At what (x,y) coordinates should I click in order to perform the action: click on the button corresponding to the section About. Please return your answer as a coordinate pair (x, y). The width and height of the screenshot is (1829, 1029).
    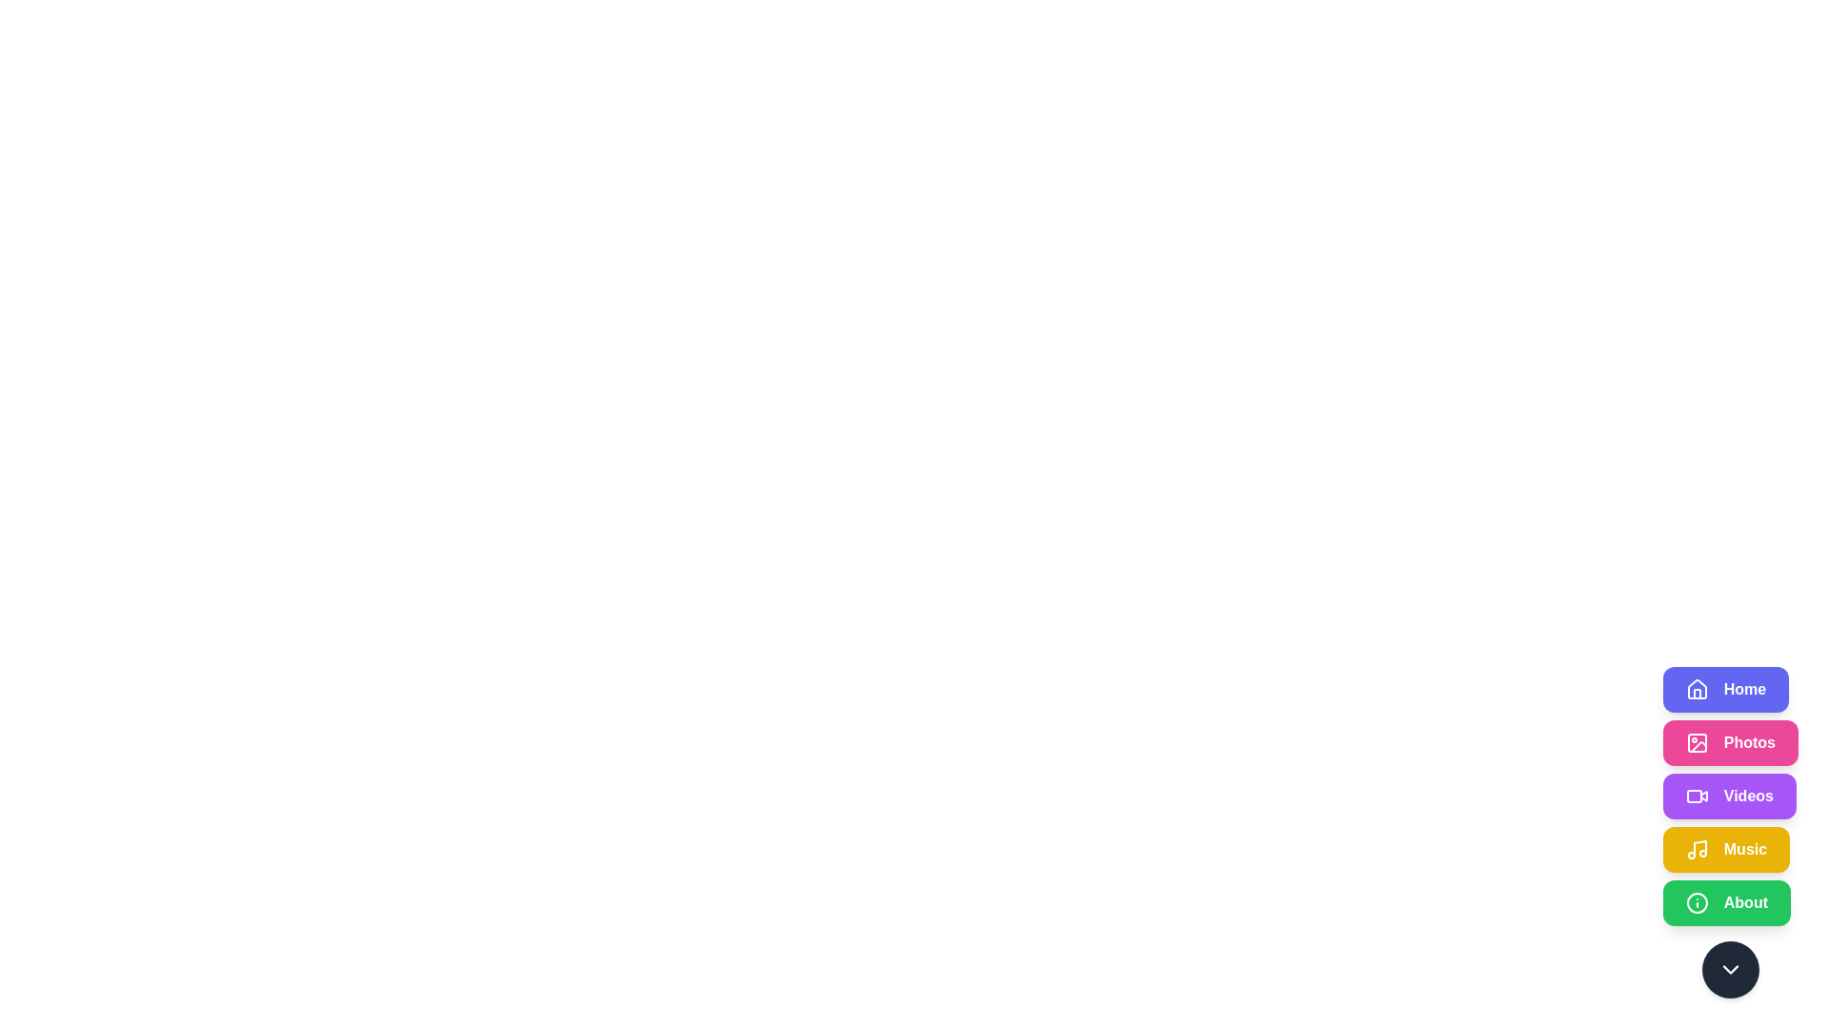
    Looking at the image, I should click on (1725, 902).